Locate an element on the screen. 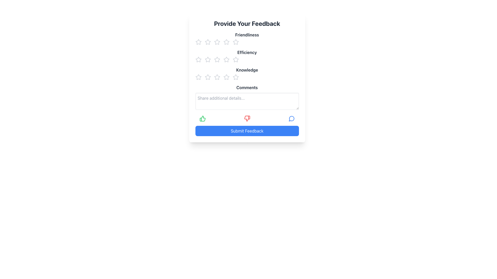 Image resolution: width=497 pixels, height=279 pixels. the feedback submission button located at the bottom of the feedback section, which is centrally aligned and positioned below a row of icons is located at coordinates (247, 130).